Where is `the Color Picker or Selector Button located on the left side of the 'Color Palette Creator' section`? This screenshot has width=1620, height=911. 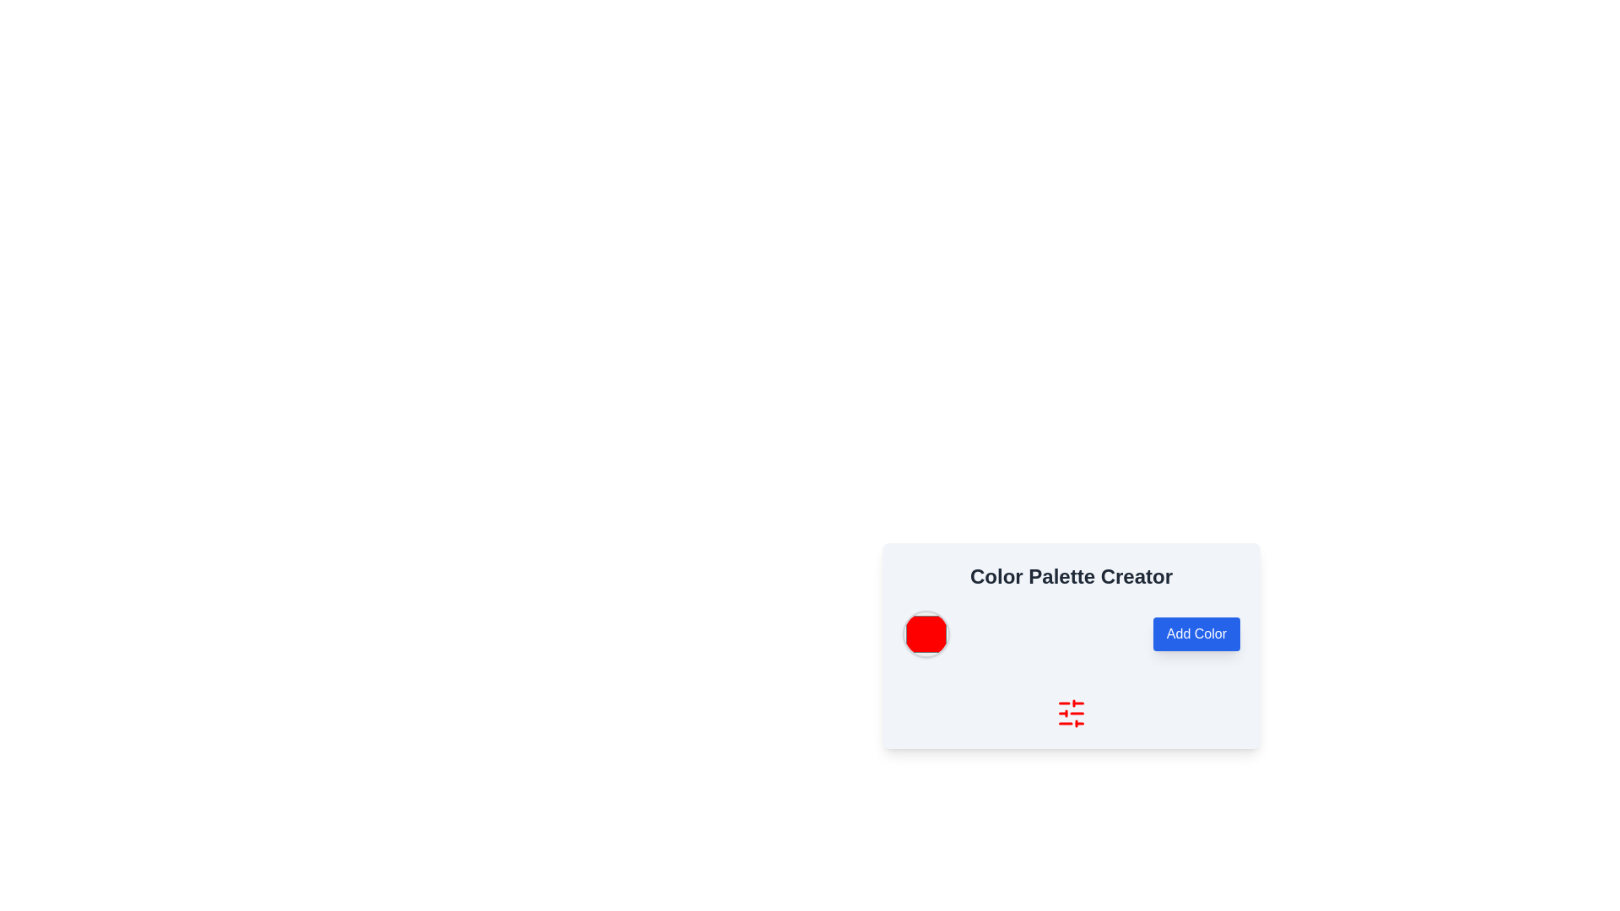
the Color Picker or Selector Button located on the left side of the 'Color Palette Creator' section is located at coordinates (926, 634).